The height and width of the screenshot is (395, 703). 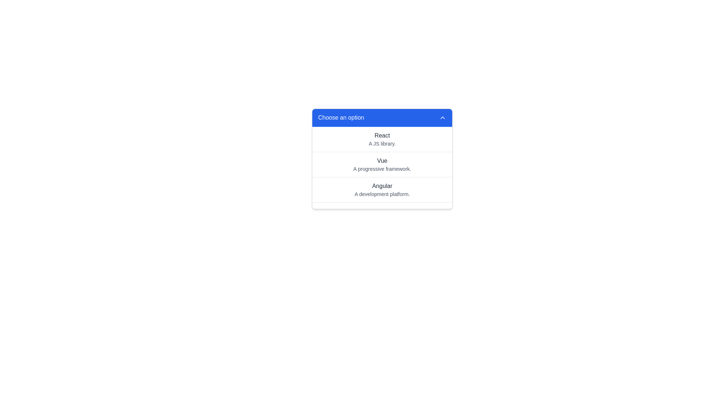 What do you see at coordinates (382, 169) in the screenshot?
I see `the text label reading 'A progressive framework.' which is styled in gray and positioned below the text 'Vue' in the dropdown menu` at bounding box center [382, 169].